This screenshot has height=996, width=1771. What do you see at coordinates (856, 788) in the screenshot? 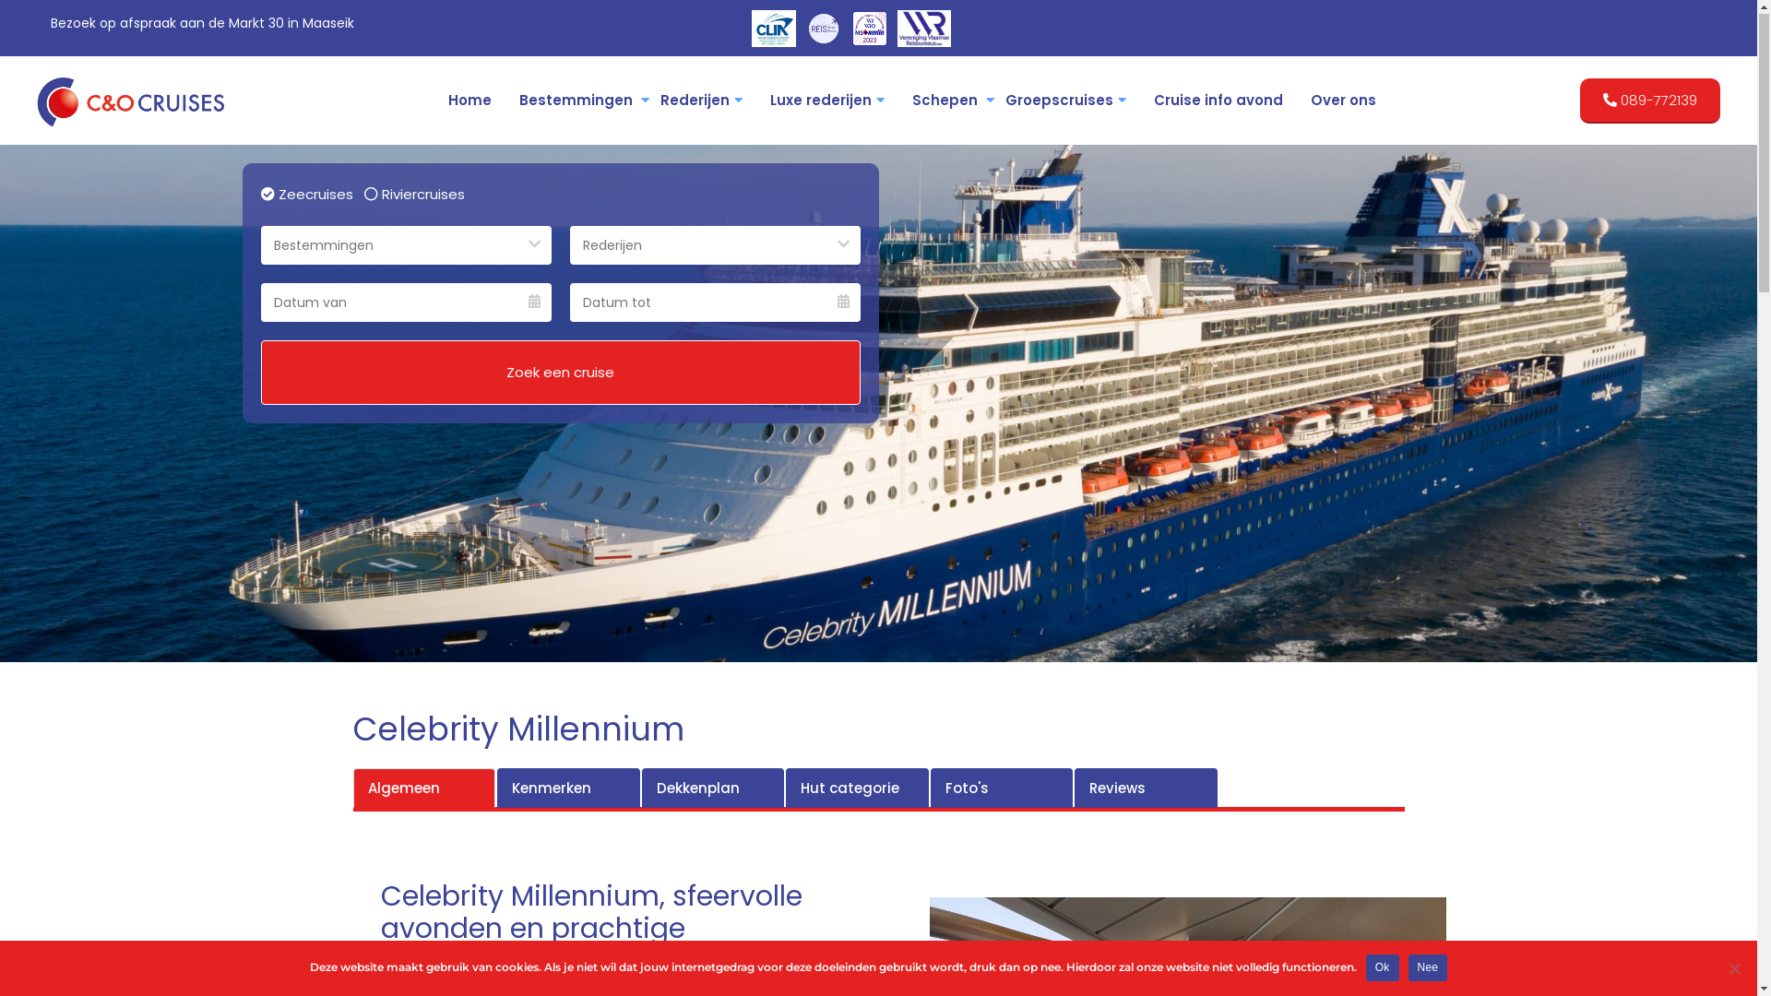
I see `'Hut categorie'` at bounding box center [856, 788].